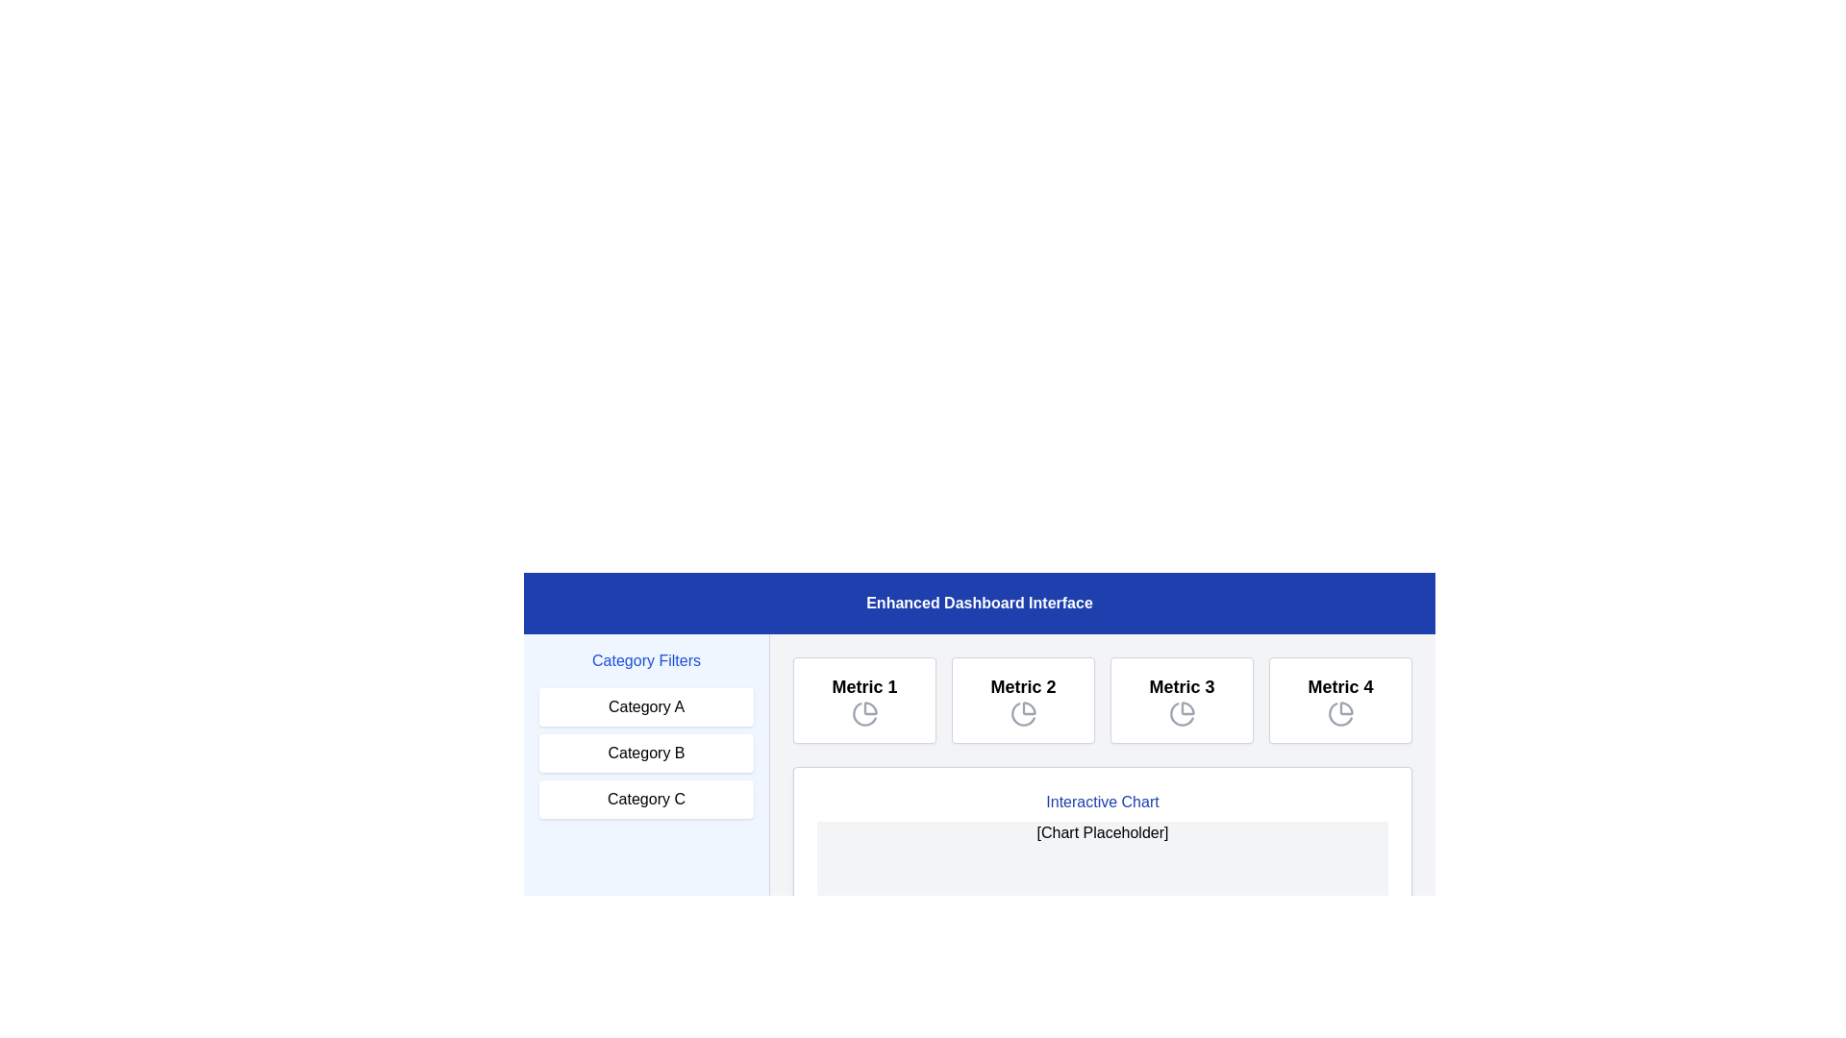 This screenshot has width=1846, height=1038. Describe the element at coordinates (646, 800) in the screenshot. I see `the 'Category C' button, which is a rectangular button with a white background and bold text, located in the 'Category Filters' section` at that location.